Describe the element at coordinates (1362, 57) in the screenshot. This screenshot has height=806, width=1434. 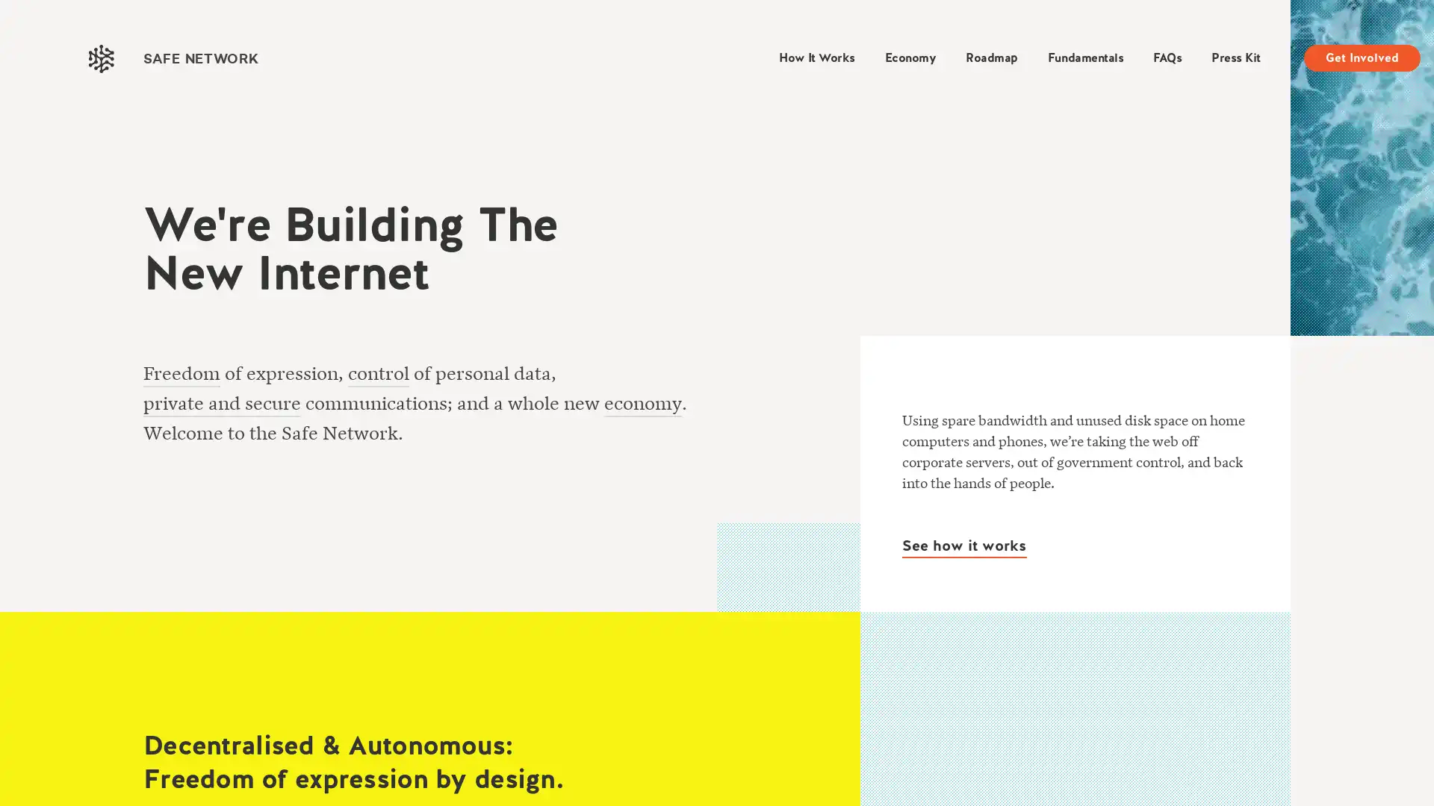
I see `Get Involved` at that location.